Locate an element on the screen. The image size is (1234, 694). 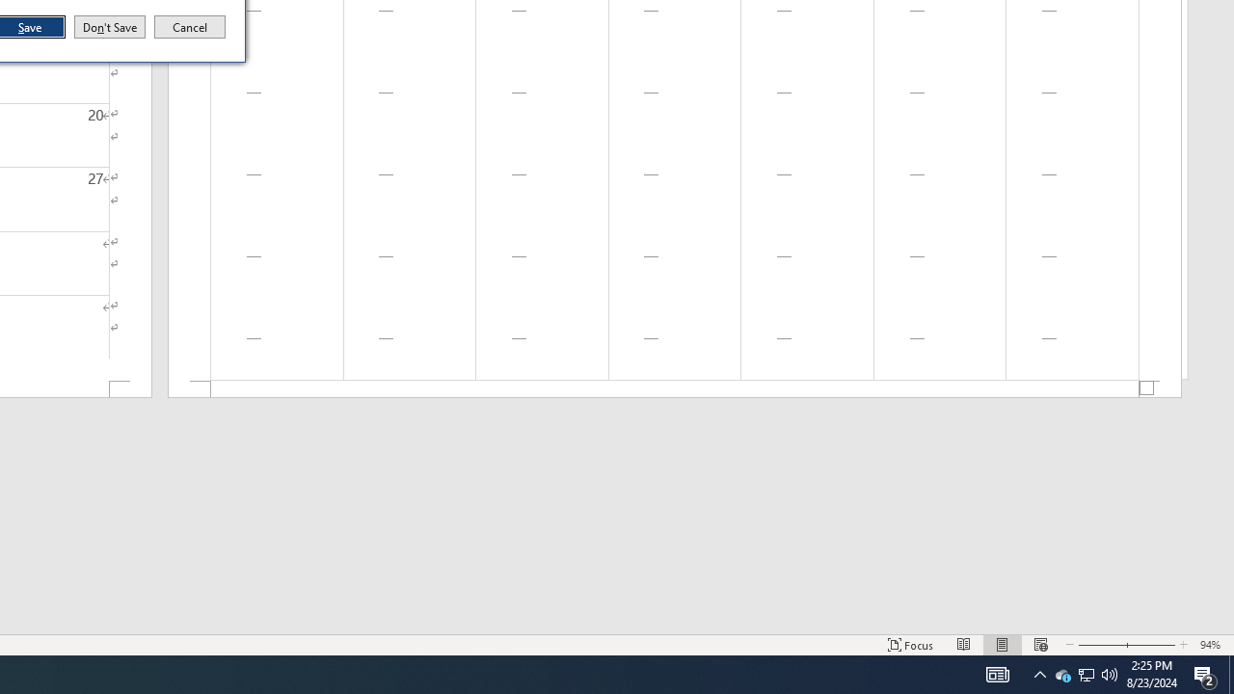
'Don' is located at coordinates (108, 27).